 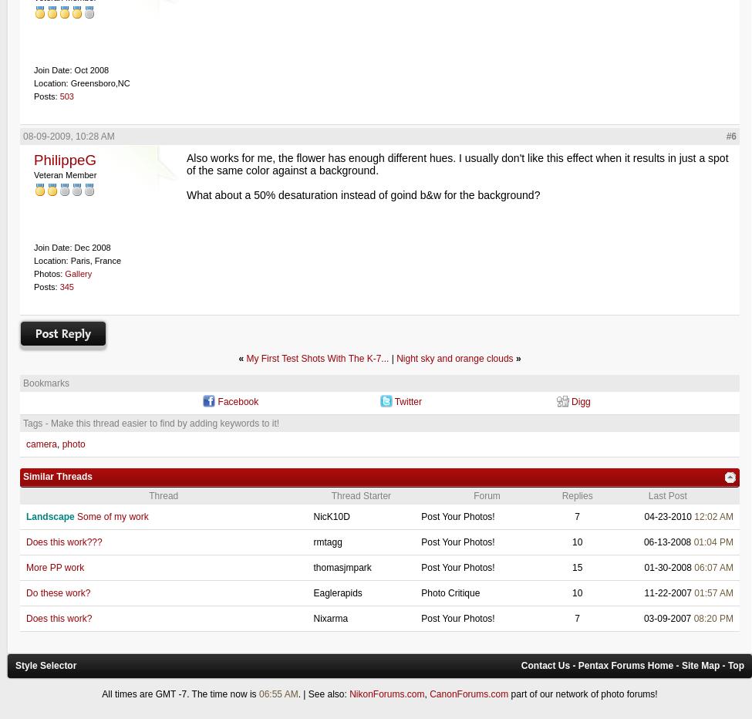 I want to click on '08-09-2009, 10:28 AM', so click(x=23, y=136).